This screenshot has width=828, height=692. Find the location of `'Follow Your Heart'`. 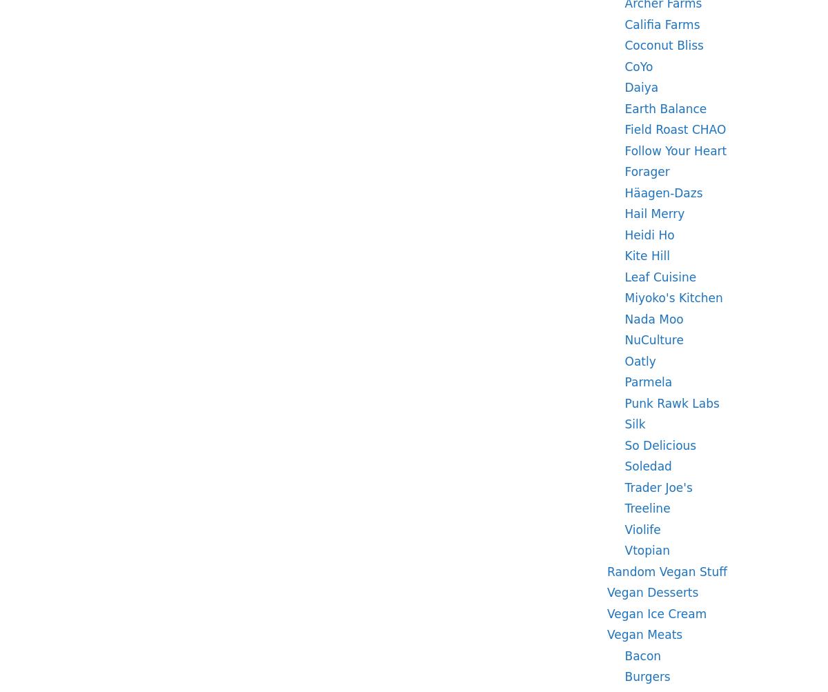

'Follow Your Heart' is located at coordinates (675, 150).